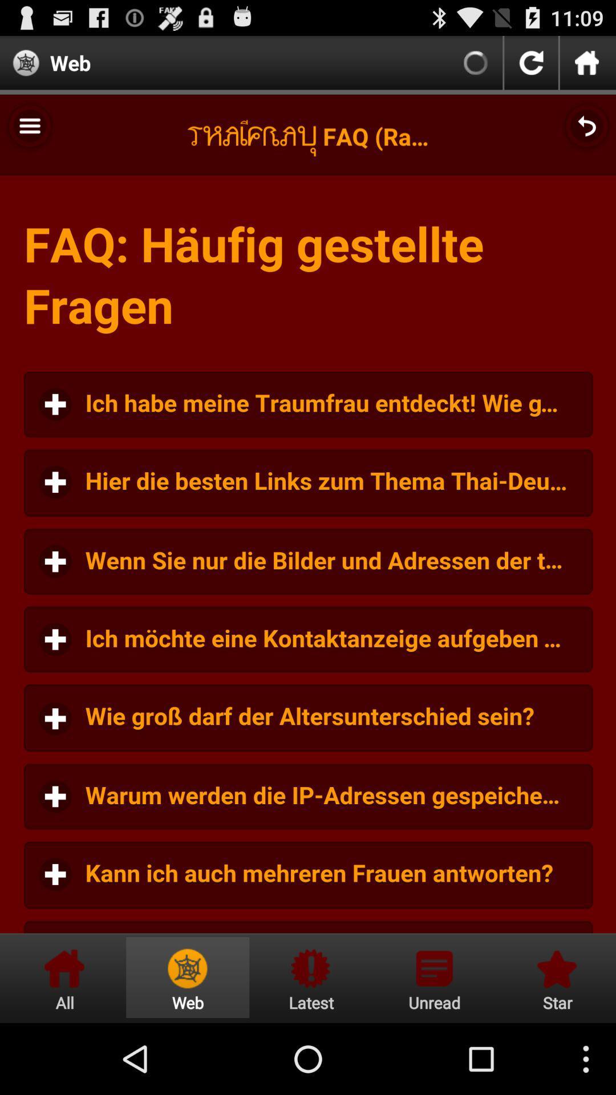 This screenshot has height=1095, width=616. I want to click on the home icon, so click(587, 67).